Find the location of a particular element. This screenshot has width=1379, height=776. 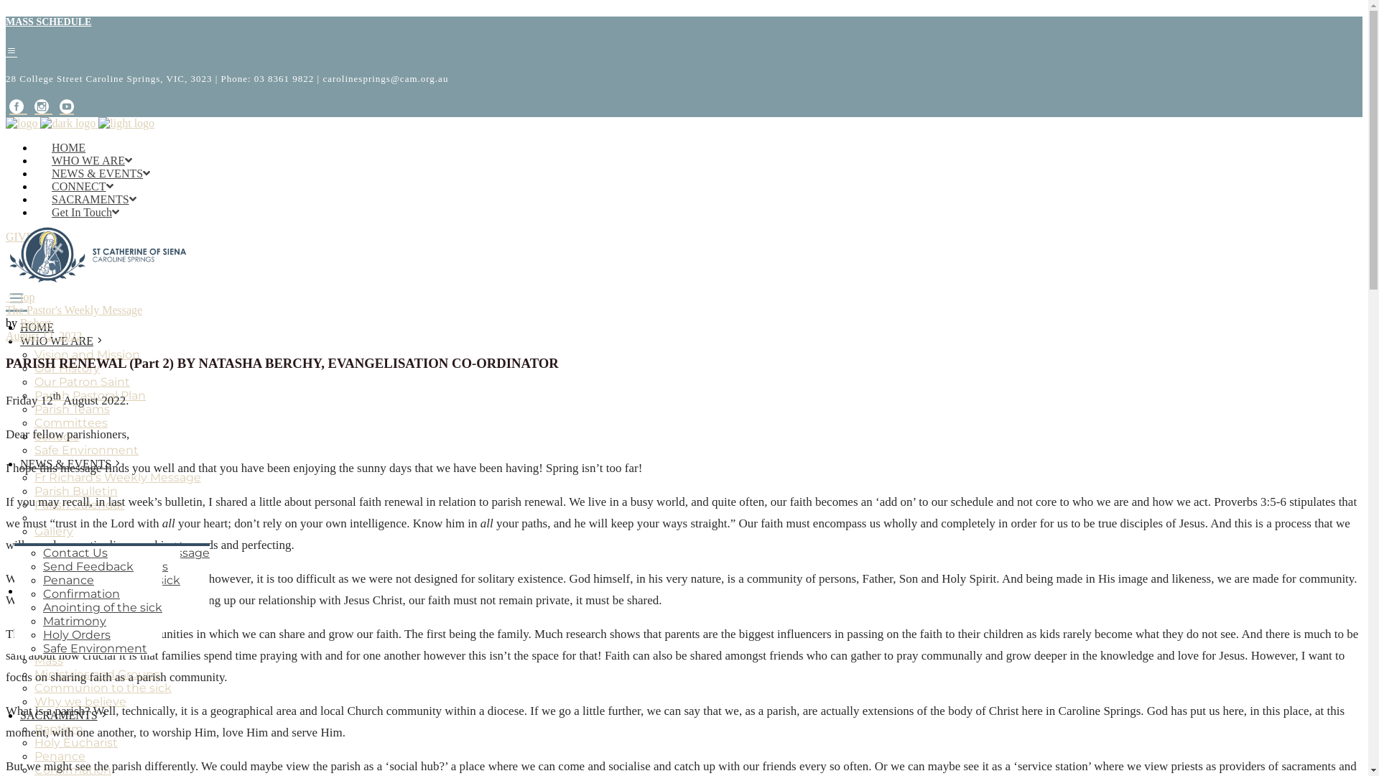

'Send Feedback' is located at coordinates (42, 565).